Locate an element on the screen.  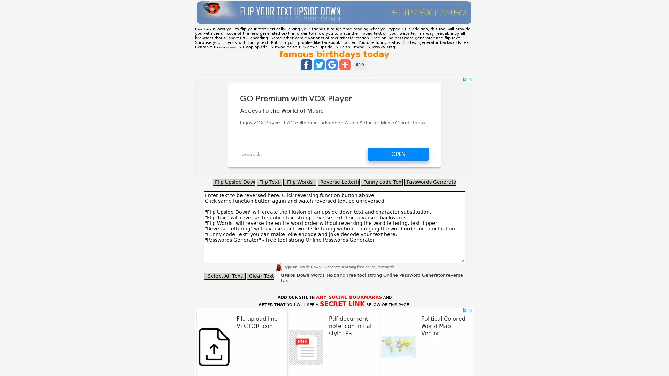
Passwords Generator is located at coordinates (430, 182).